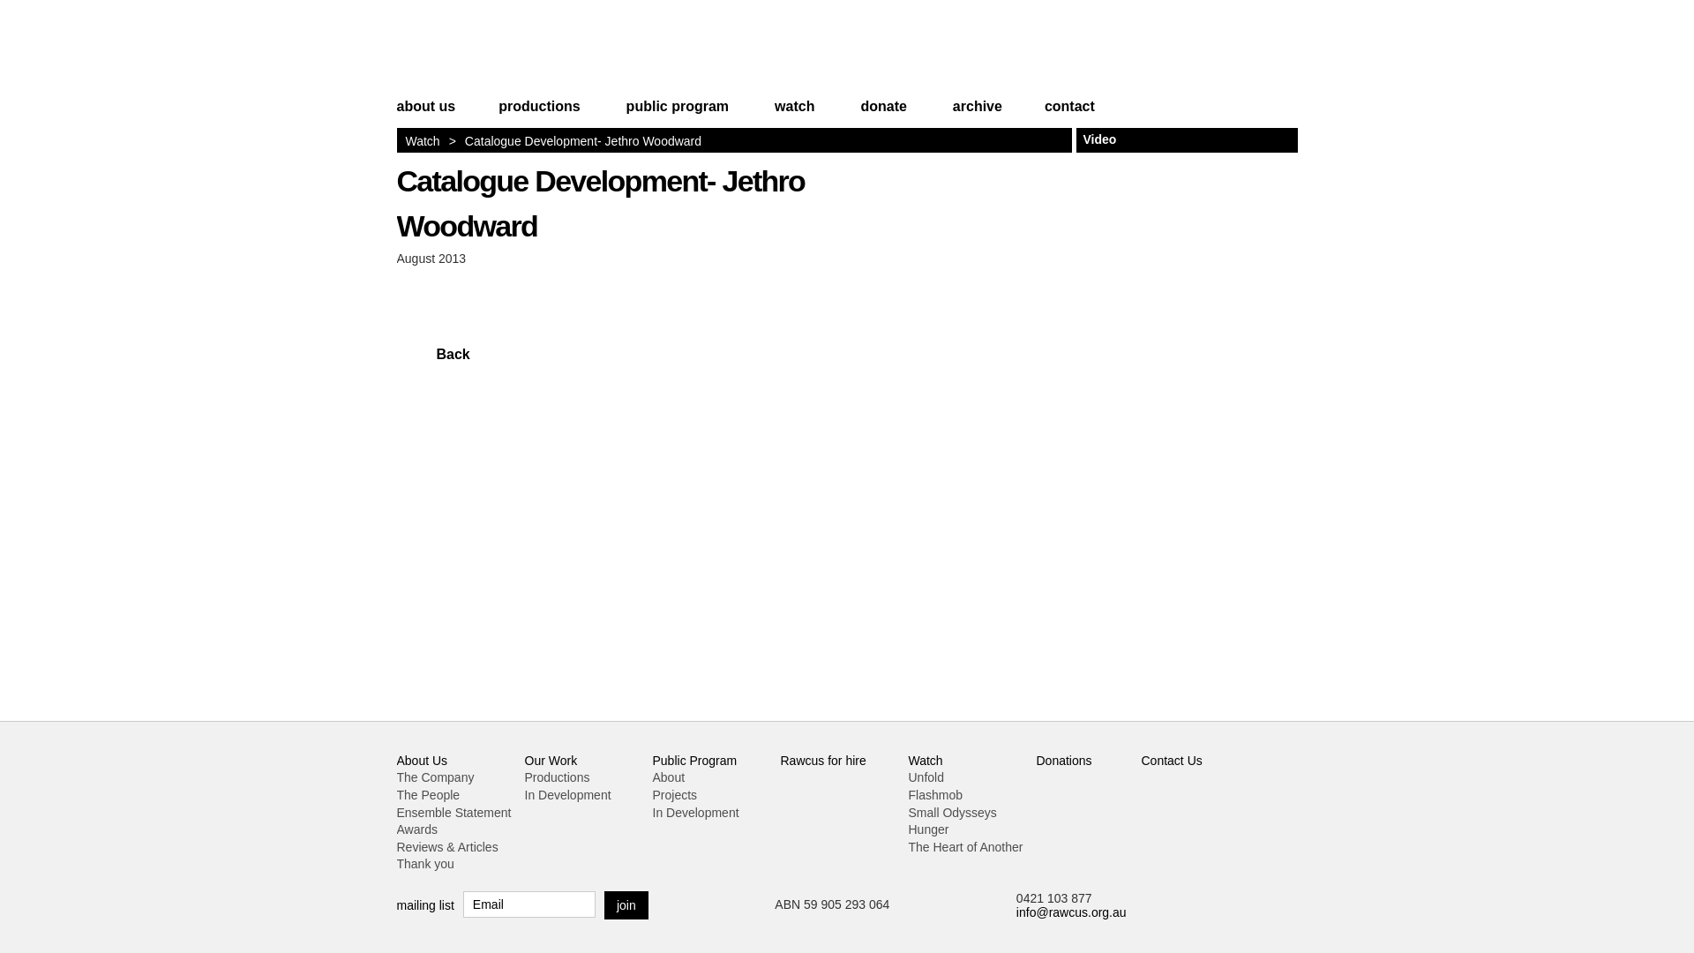  What do you see at coordinates (432, 354) in the screenshot?
I see `'Back'` at bounding box center [432, 354].